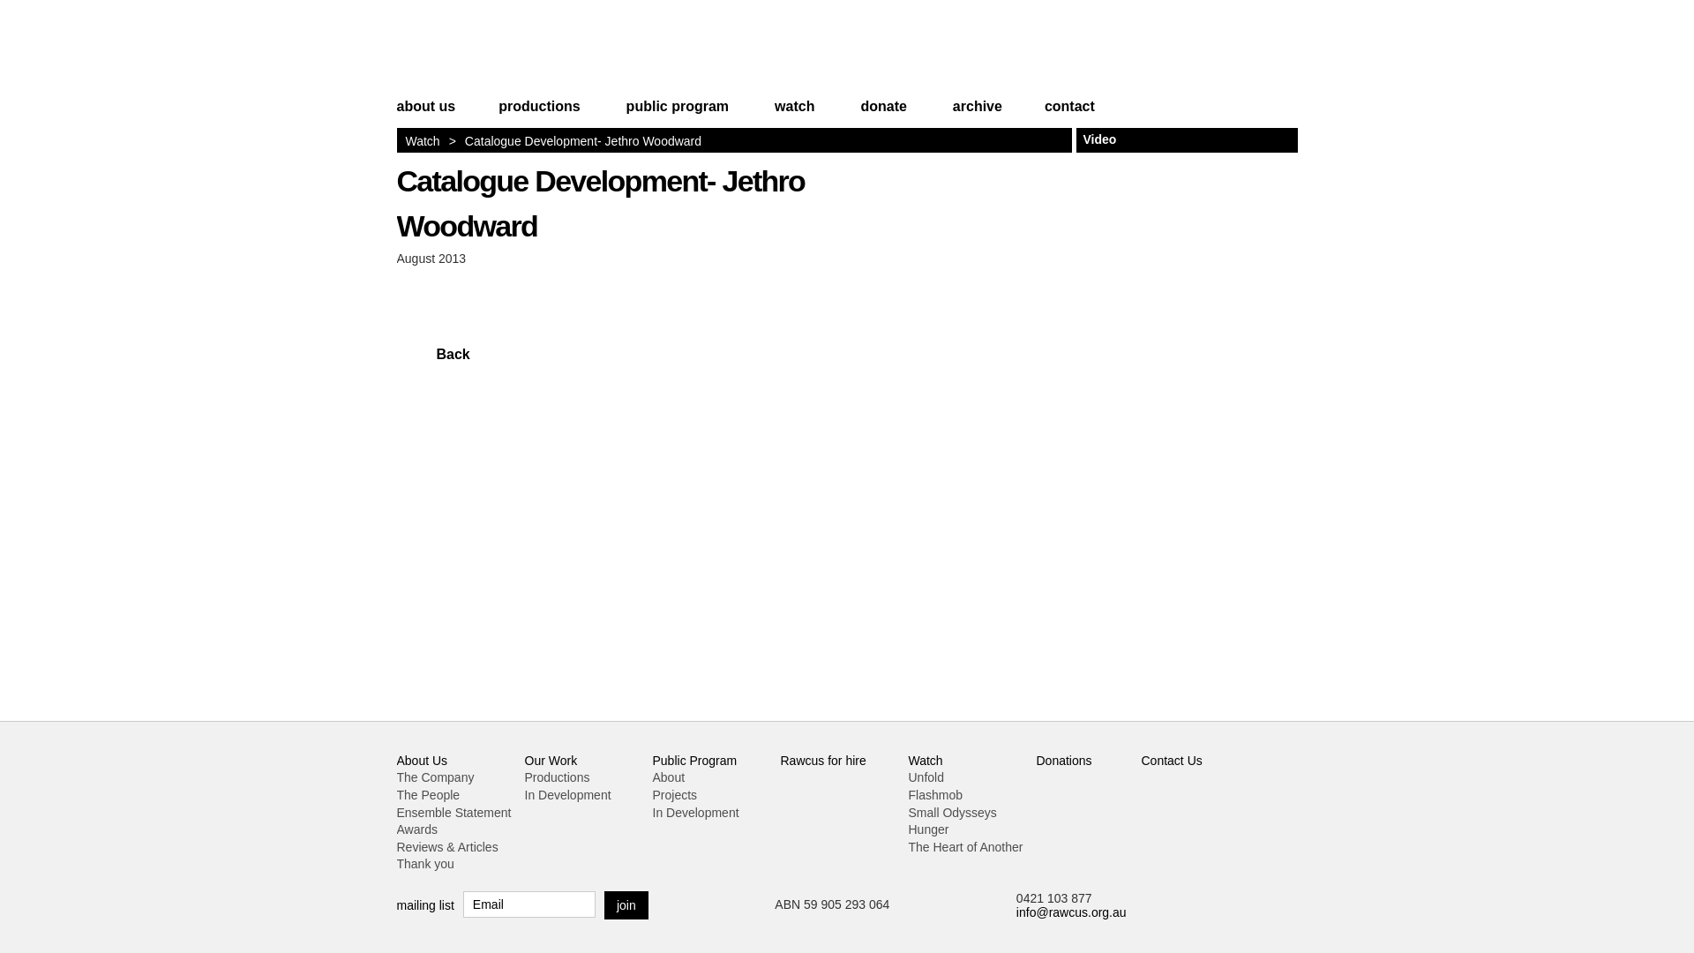  What do you see at coordinates (432, 354) in the screenshot?
I see `'Back'` at bounding box center [432, 354].